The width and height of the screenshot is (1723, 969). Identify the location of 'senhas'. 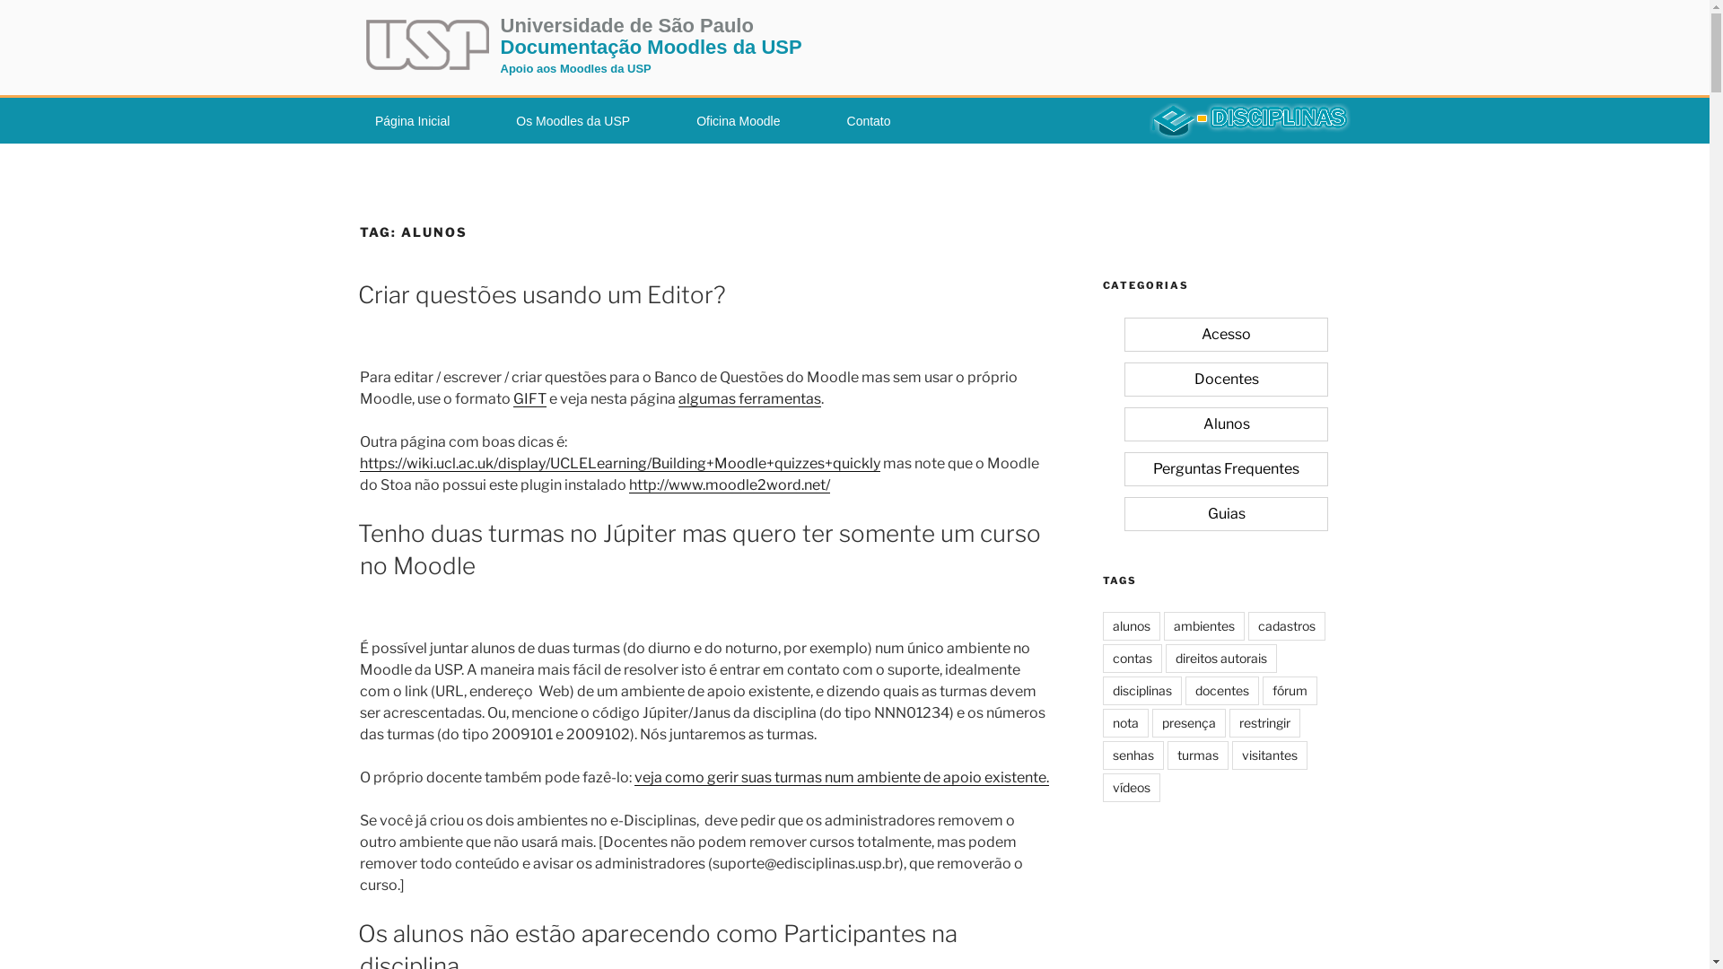
(1132, 755).